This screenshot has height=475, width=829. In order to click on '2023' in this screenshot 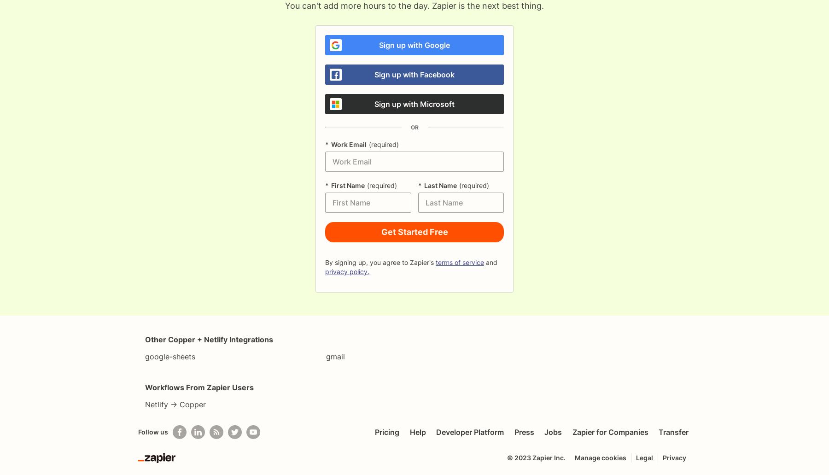, I will do `click(522, 457)`.